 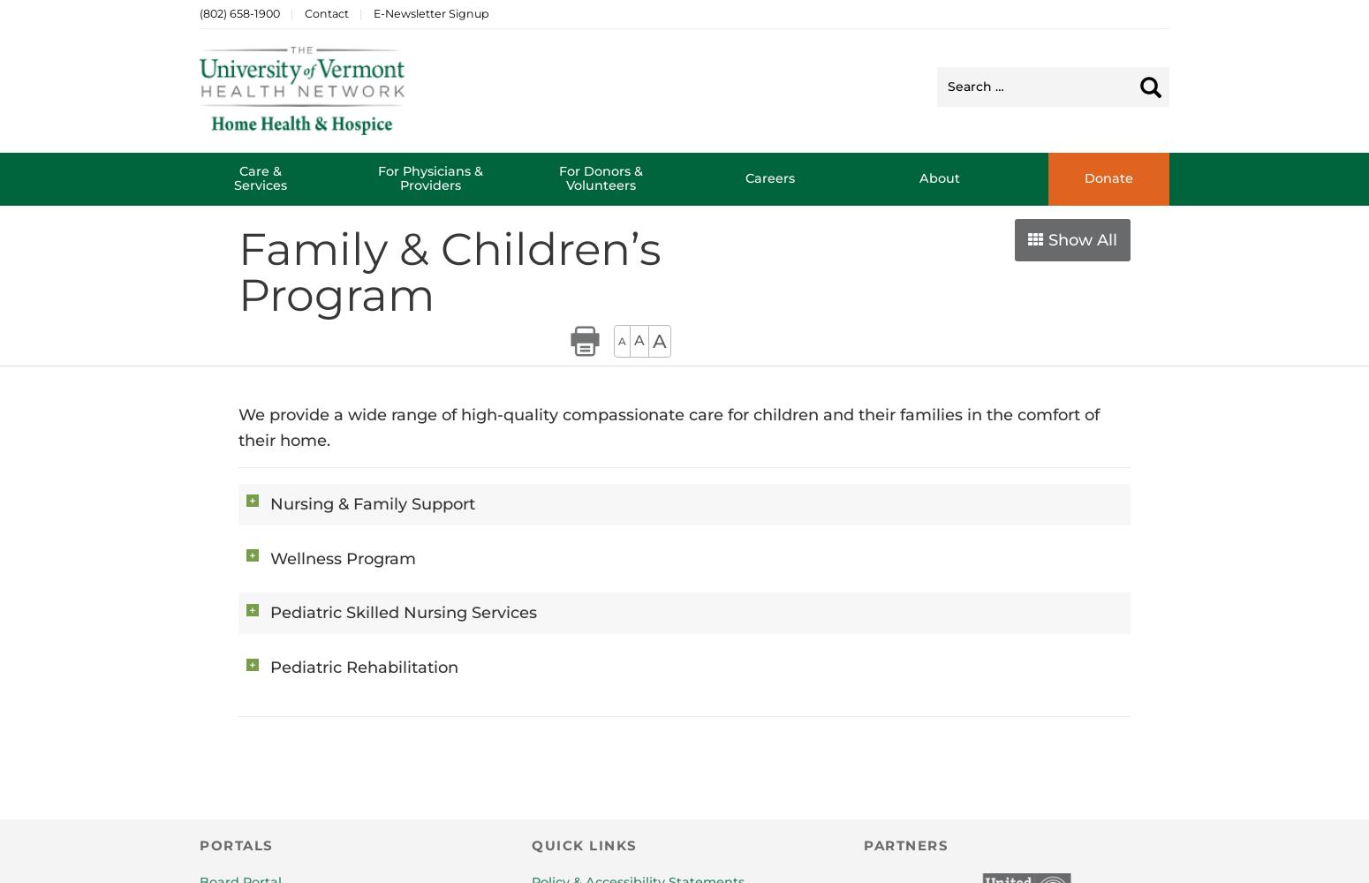 I want to click on 'Quick Links', so click(x=583, y=844).